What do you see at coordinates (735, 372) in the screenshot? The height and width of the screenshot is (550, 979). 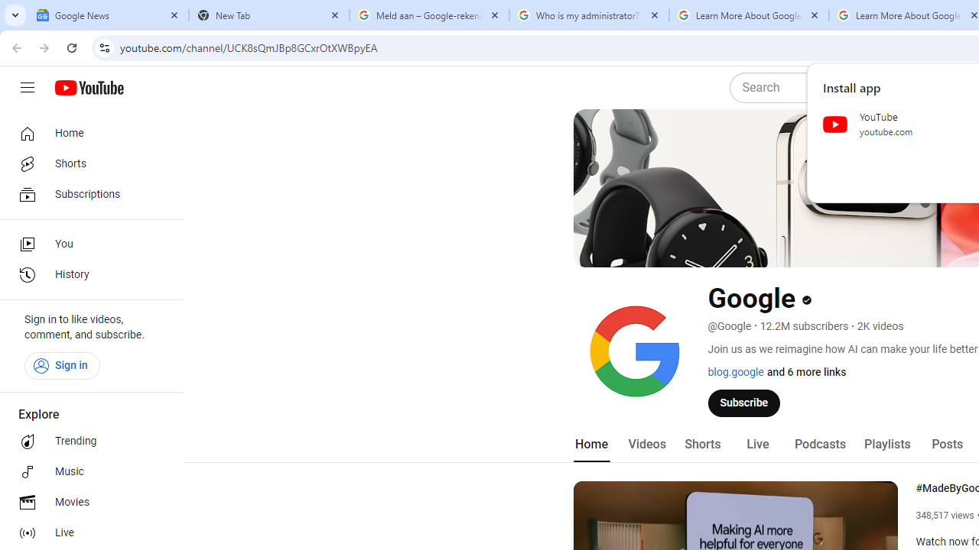 I see `'blog.google'` at bounding box center [735, 372].